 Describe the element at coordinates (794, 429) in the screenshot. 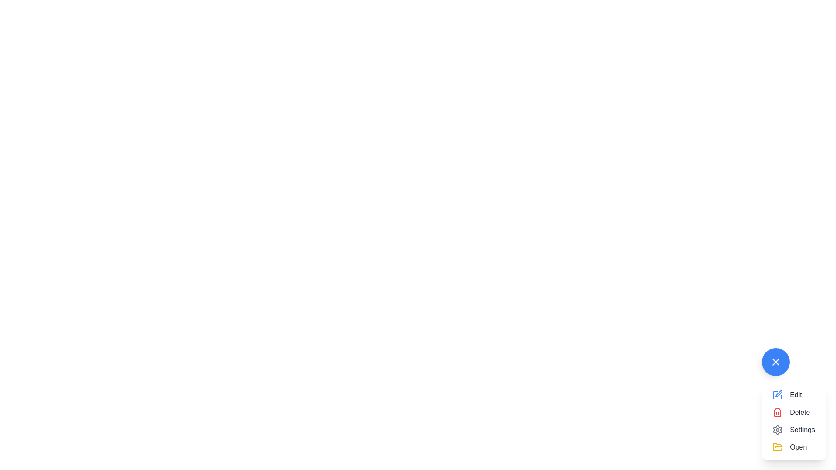

I see `the settings button located` at that location.